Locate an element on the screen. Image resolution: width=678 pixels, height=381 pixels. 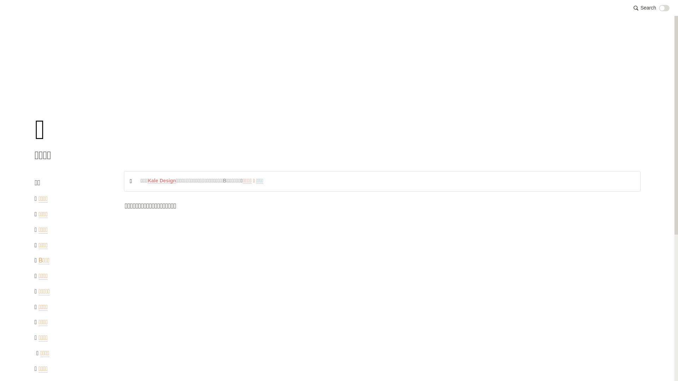
'Change to Dark Mode' is located at coordinates (664, 8).